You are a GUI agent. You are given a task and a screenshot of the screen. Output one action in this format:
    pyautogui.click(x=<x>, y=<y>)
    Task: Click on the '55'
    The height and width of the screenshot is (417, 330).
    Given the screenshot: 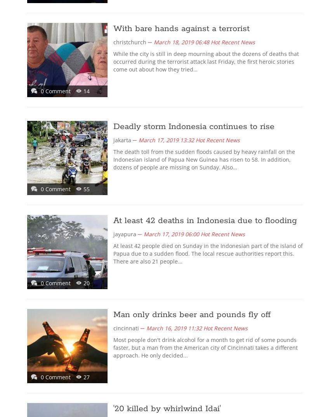 What is the action you would take?
    pyautogui.click(x=87, y=188)
    